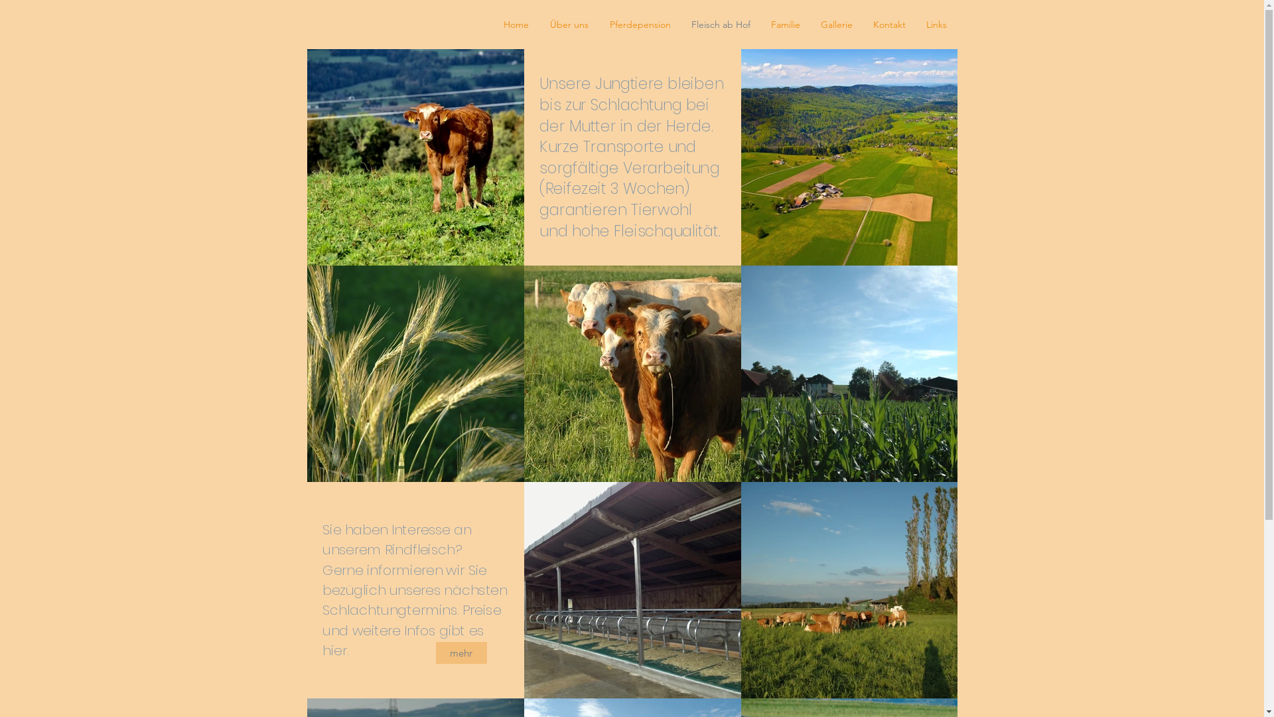  What do you see at coordinates (936, 25) in the screenshot?
I see `'Links'` at bounding box center [936, 25].